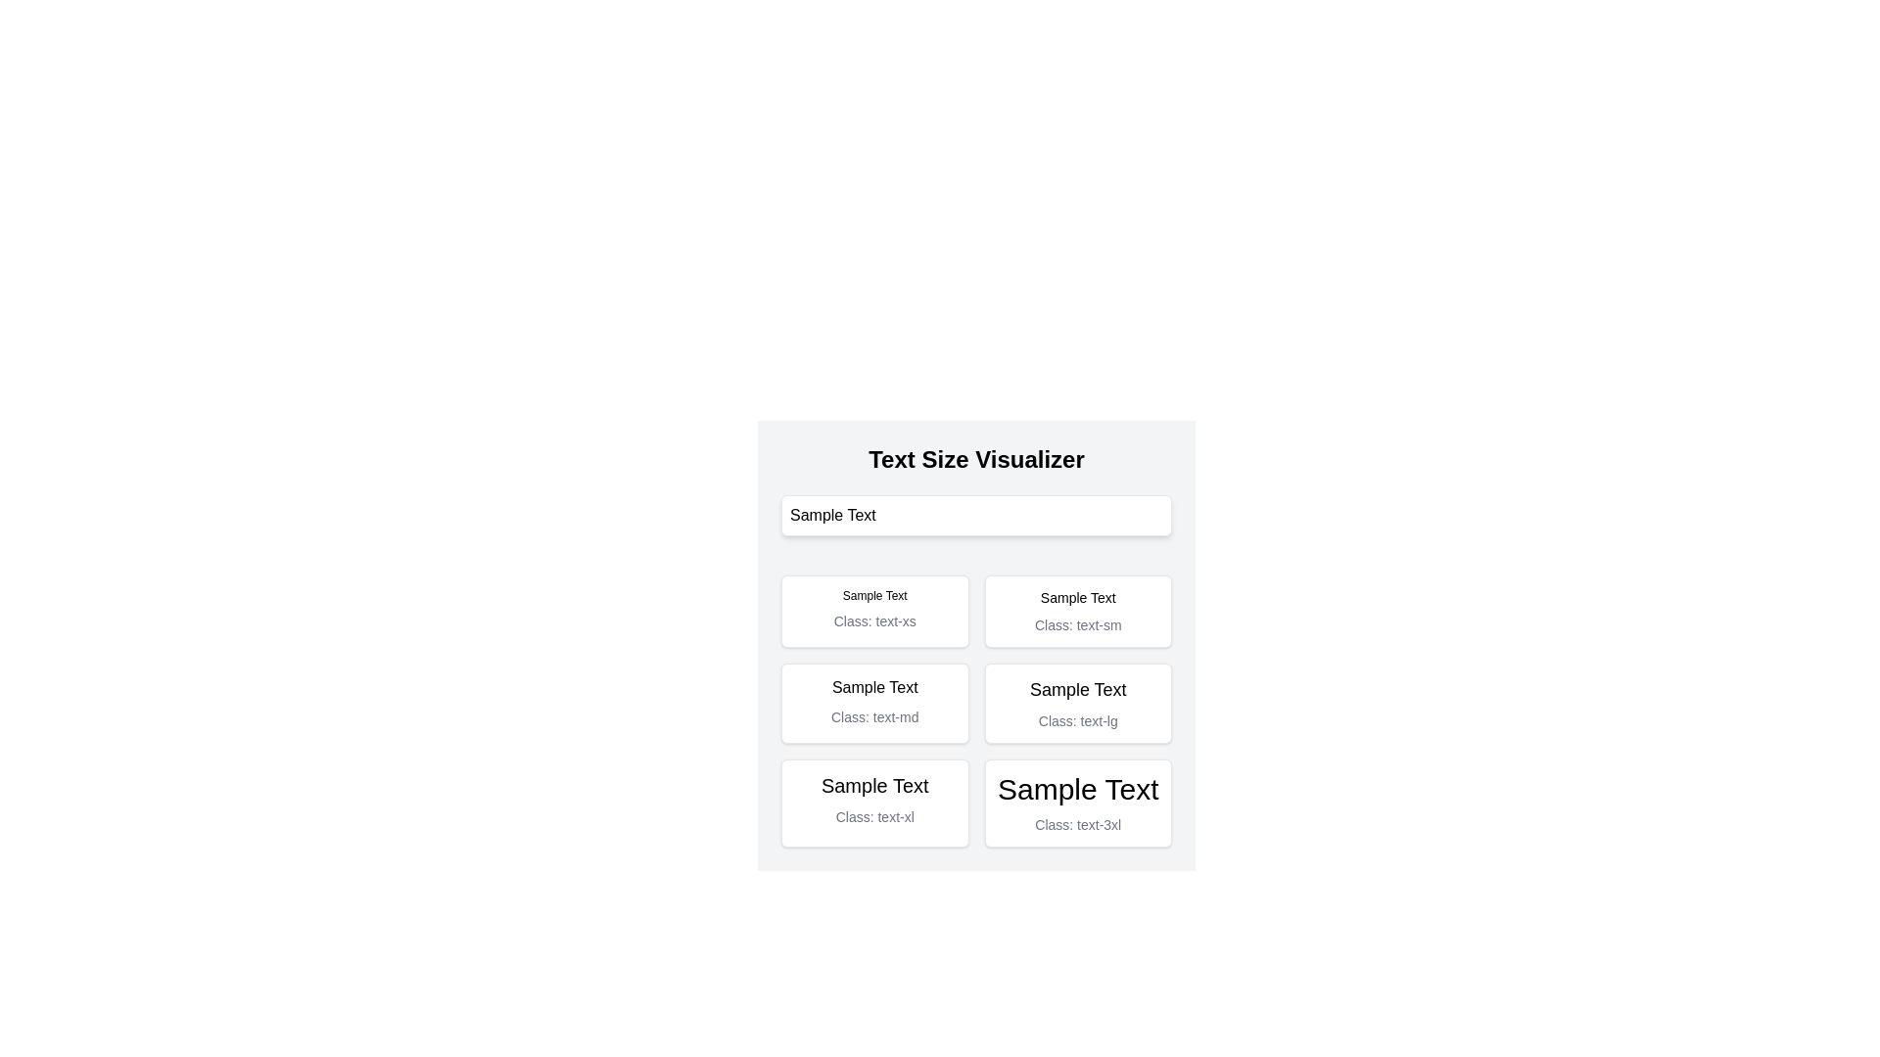 This screenshot has height=1057, width=1880. Describe the element at coordinates (1077, 625) in the screenshot. I see `text from the Text label located in the second row, second column of the grid layout, positioned below the sibling element displaying 'Sample Text'` at that location.